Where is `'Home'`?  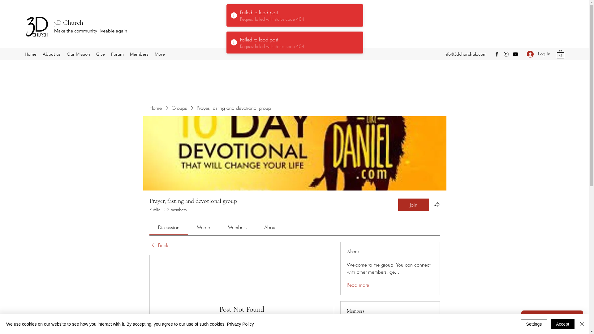
'Home' is located at coordinates (155, 107).